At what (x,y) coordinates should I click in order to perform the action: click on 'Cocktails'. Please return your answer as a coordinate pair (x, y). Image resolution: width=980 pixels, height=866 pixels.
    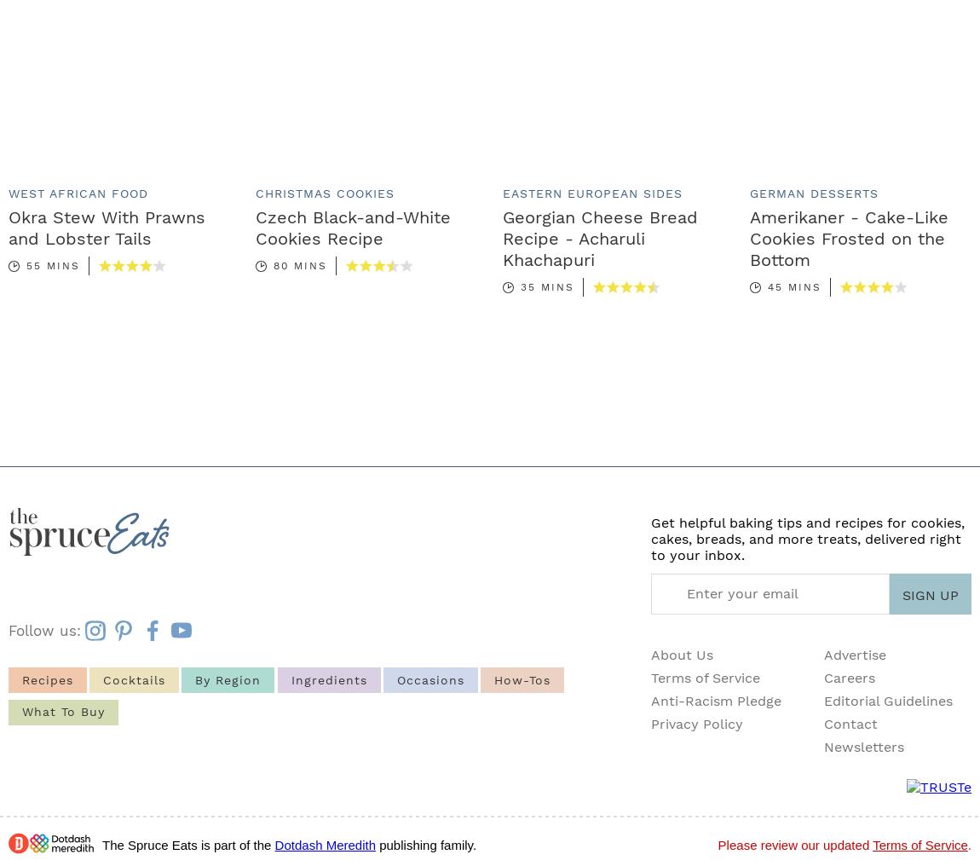
    Looking at the image, I should click on (133, 678).